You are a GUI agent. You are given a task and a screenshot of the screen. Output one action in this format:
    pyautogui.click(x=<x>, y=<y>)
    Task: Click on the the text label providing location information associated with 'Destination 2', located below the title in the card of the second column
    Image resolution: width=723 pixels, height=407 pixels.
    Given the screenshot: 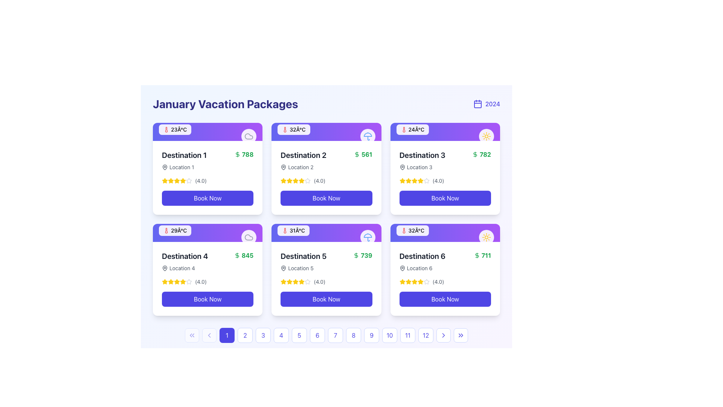 What is the action you would take?
    pyautogui.click(x=300, y=167)
    